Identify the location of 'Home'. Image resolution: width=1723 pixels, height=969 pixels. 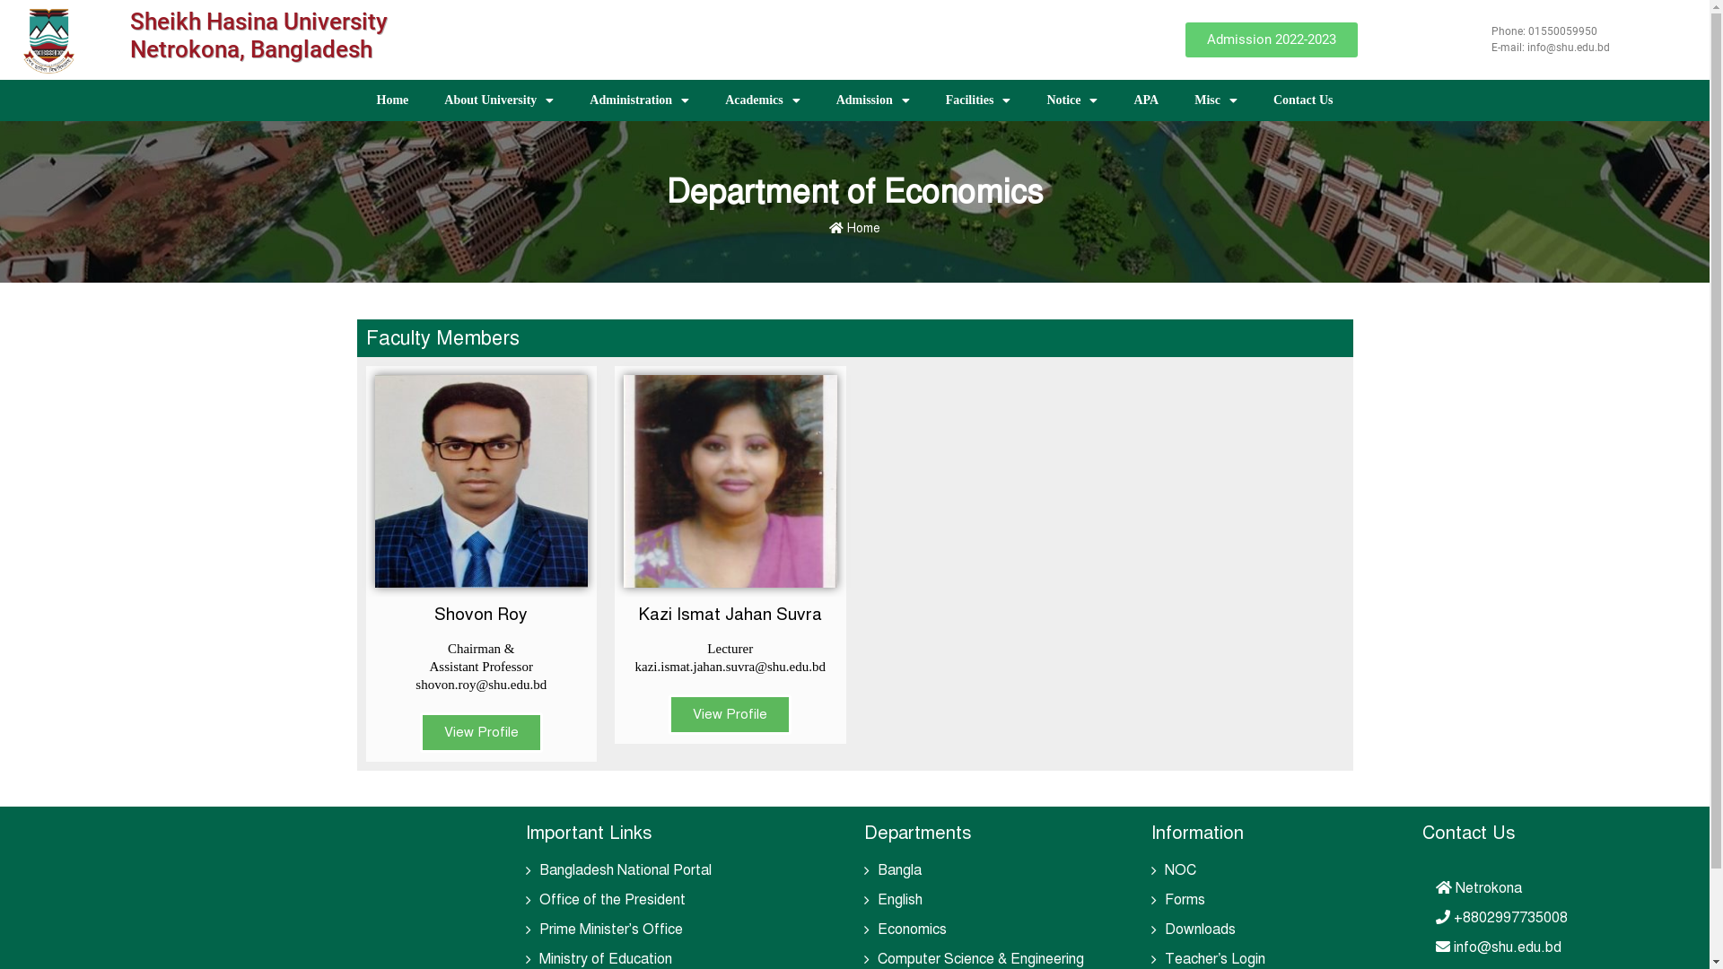
(391, 100).